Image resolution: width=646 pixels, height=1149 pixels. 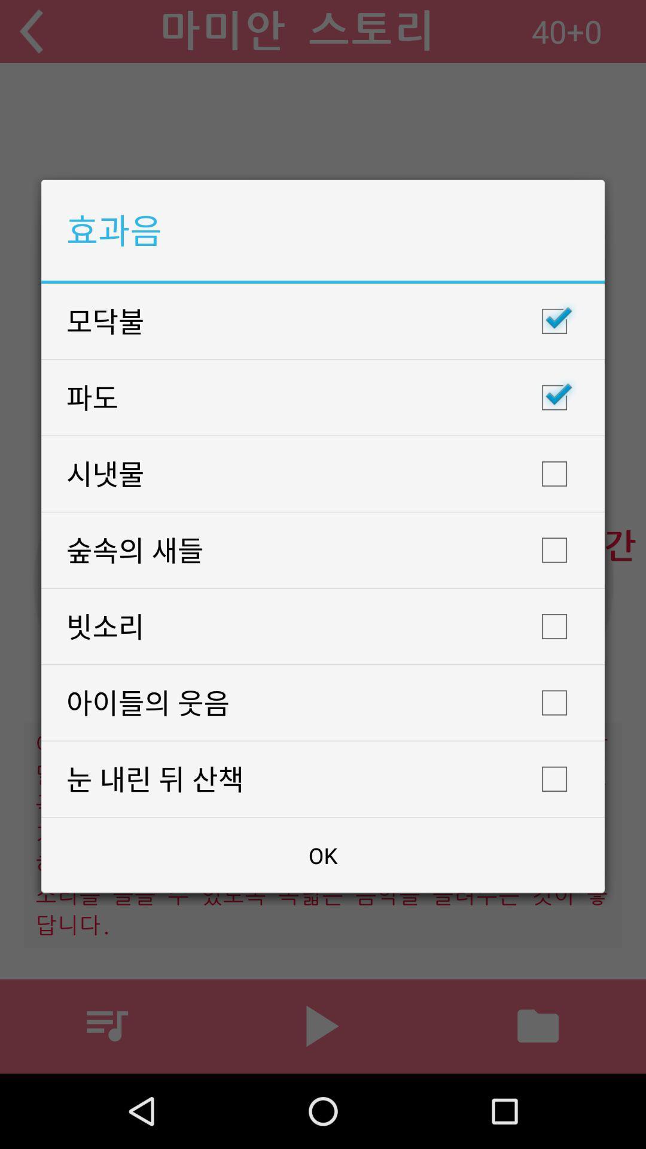 What do you see at coordinates (323, 855) in the screenshot?
I see `the ok` at bounding box center [323, 855].